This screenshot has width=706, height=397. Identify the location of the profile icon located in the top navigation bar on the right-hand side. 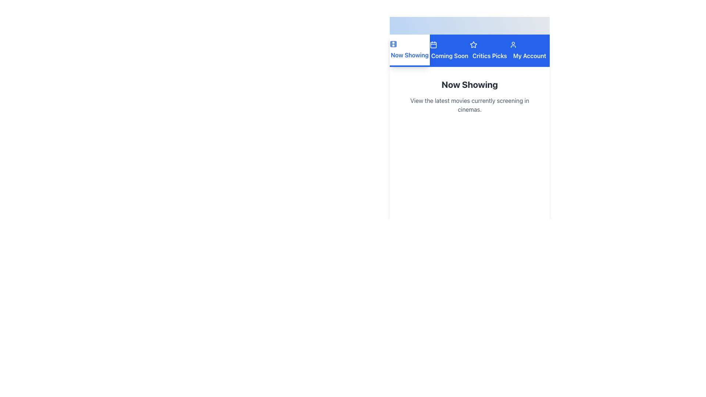
(513, 45).